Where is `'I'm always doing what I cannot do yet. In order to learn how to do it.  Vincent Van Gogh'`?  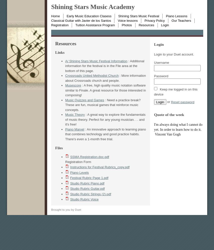 'I'm always doing what I cannot do yet. In order to learn how to do it.  Vincent Van Gogh' is located at coordinates (178, 129).